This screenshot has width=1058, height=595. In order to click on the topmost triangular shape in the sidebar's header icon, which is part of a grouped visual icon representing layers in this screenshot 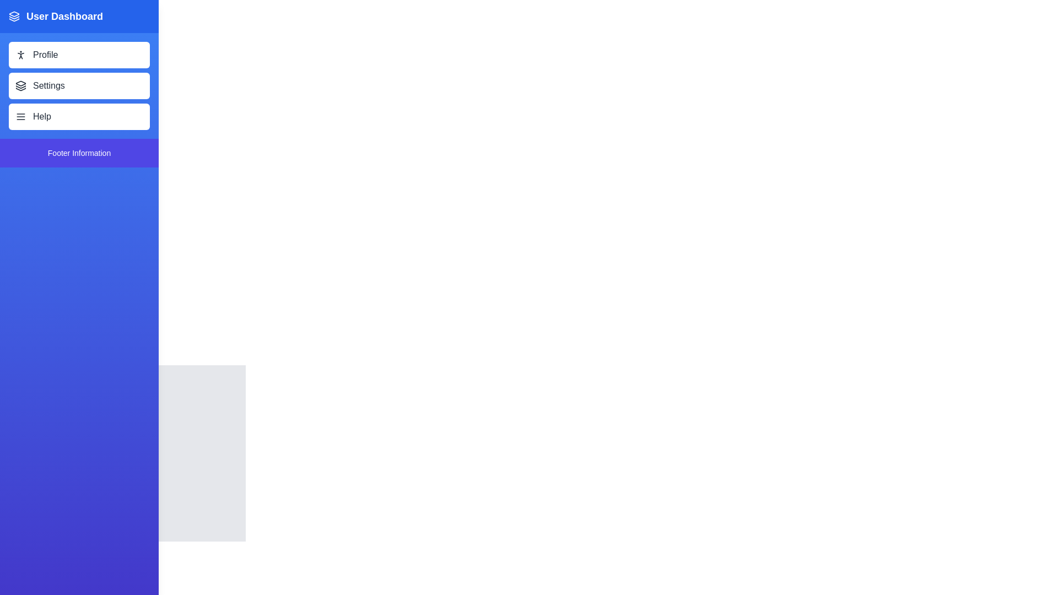, I will do `click(21, 83)`.